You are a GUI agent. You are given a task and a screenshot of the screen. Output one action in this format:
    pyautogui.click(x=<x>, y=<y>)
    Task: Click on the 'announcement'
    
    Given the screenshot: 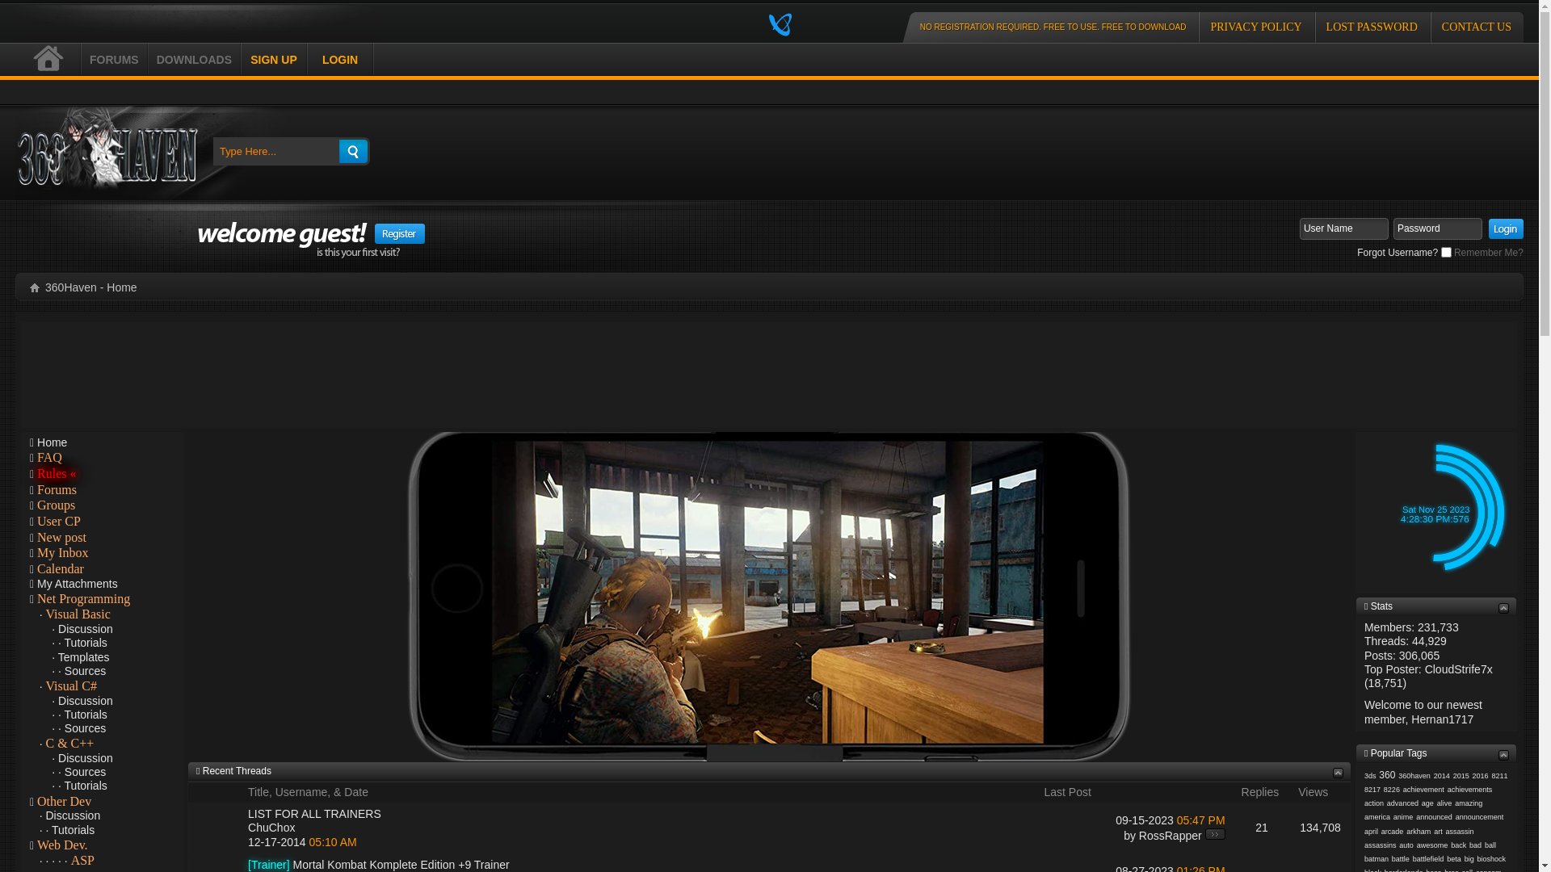 What is the action you would take?
    pyautogui.click(x=1480, y=816)
    